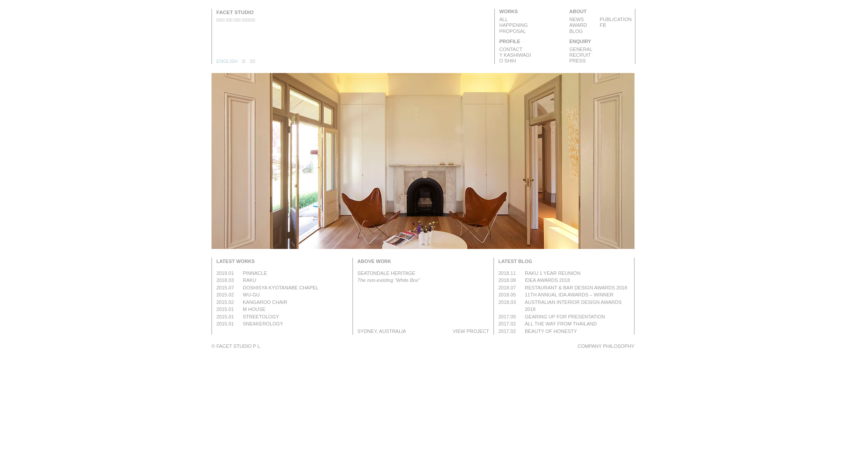 The image size is (846, 475). Describe the element at coordinates (295, 301) in the screenshot. I see `'KANGAROO CHAIR'` at that location.